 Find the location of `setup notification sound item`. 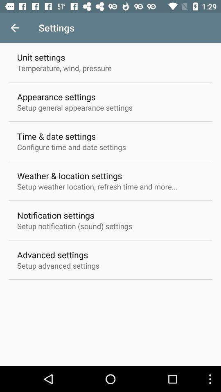

setup notification sound item is located at coordinates (74, 226).